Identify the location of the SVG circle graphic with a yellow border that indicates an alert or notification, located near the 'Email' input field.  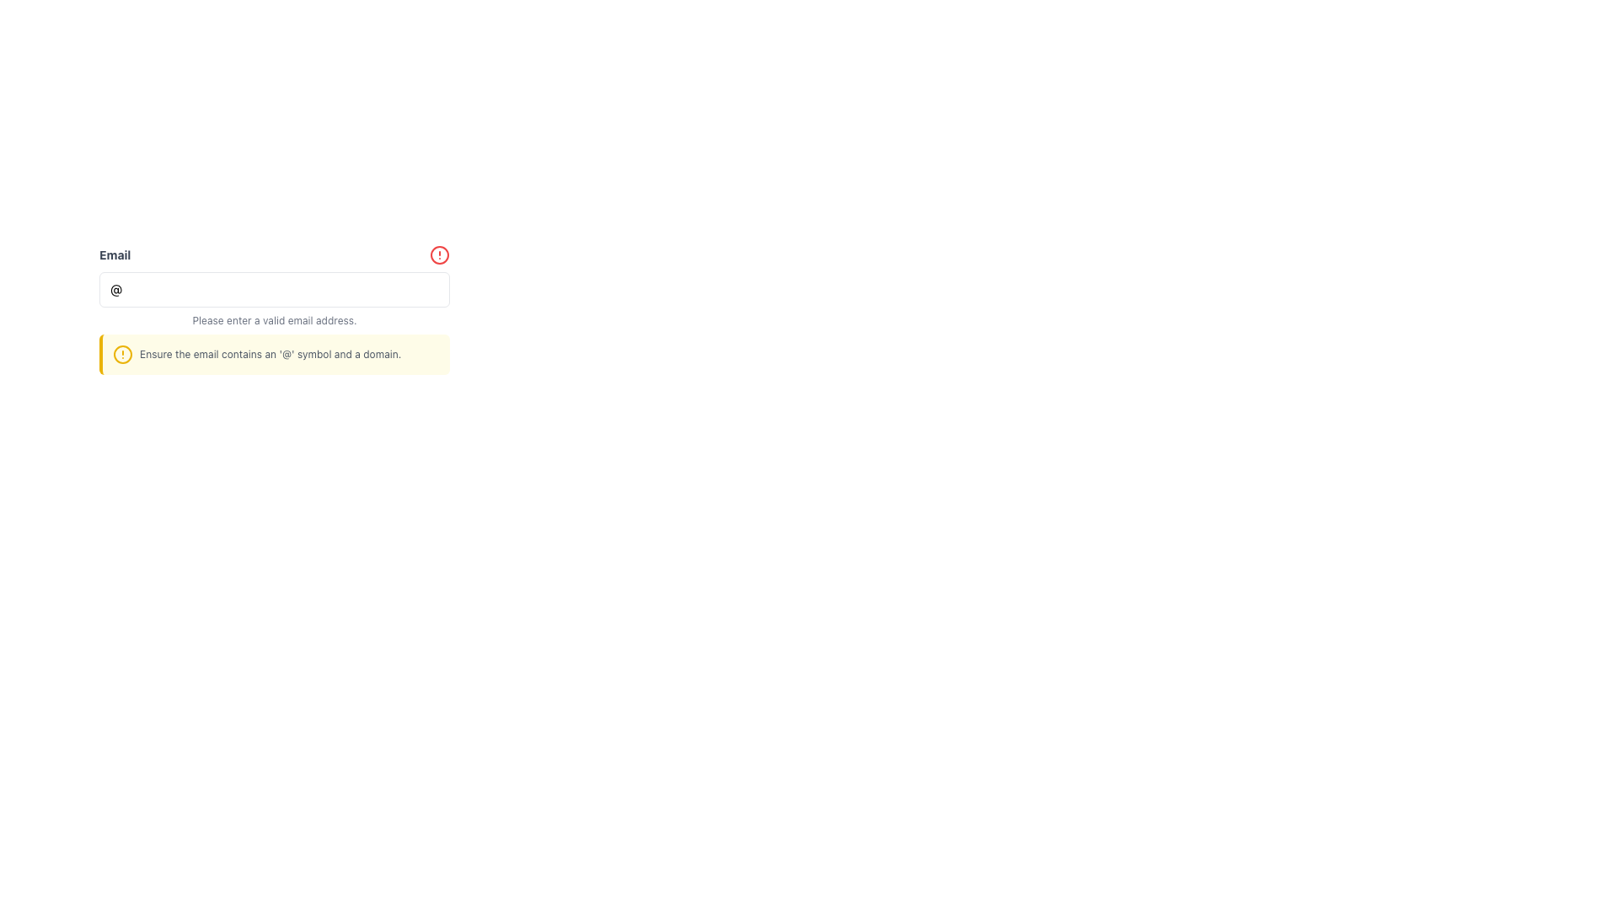
(121, 353).